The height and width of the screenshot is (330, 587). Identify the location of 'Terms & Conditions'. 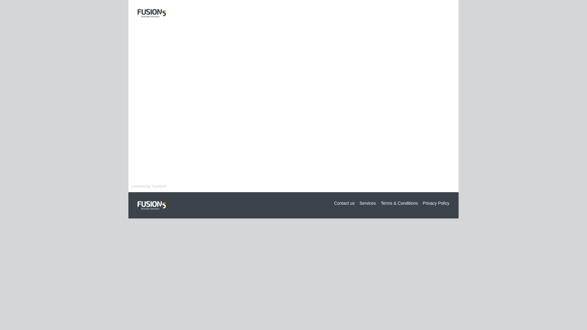
(399, 203).